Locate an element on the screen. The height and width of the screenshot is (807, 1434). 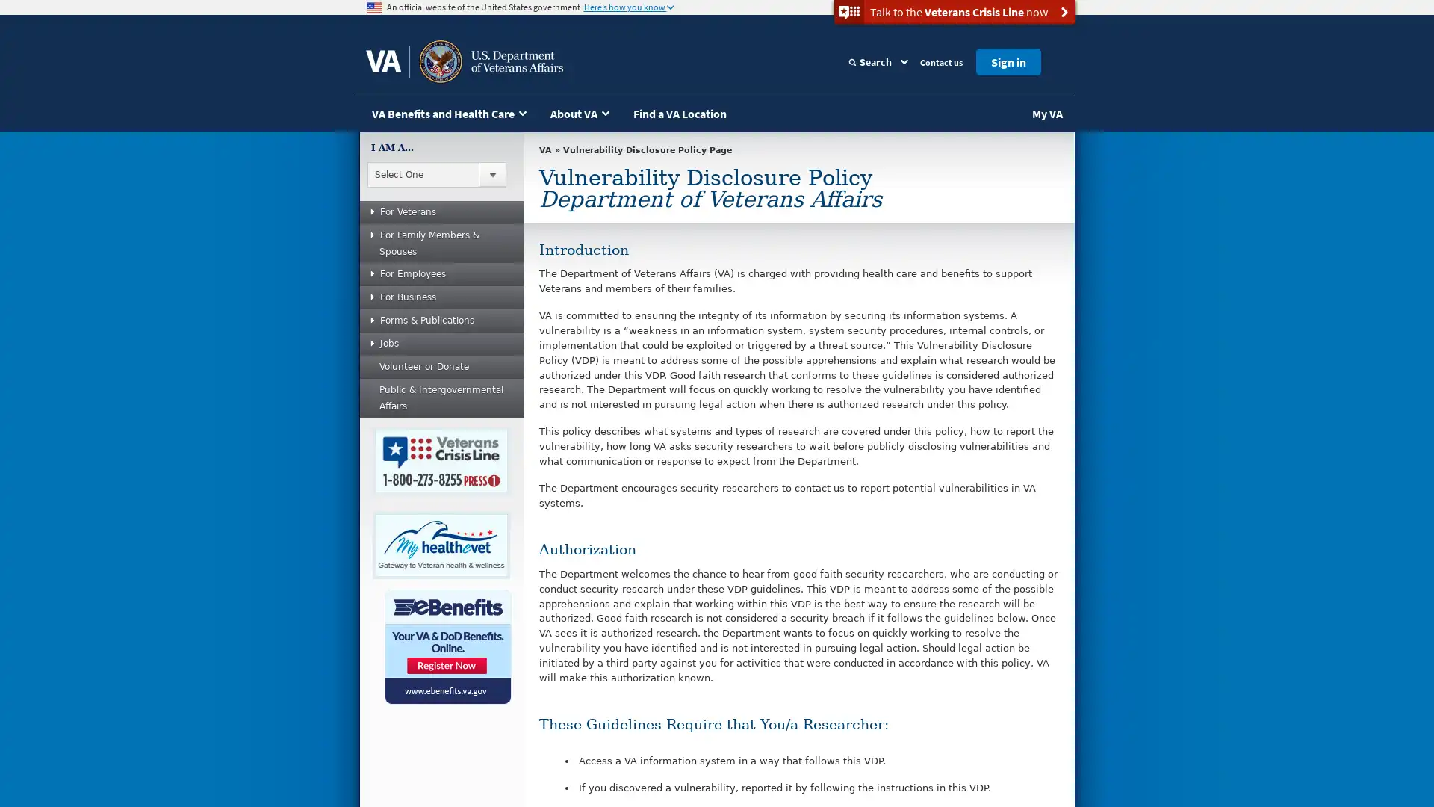
Sign in is located at coordinates (1008, 61).